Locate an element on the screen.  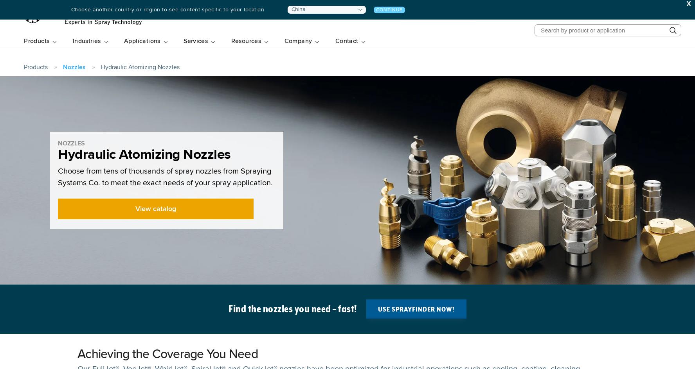
'Products Overview' is located at coordinates (56, 78).